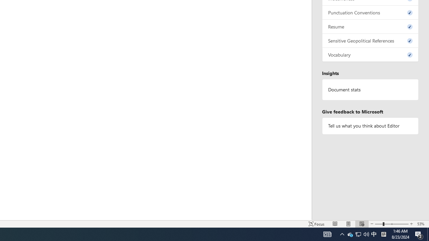 This screenshot has width=429, height=241. Describe the element at coordinates (370, 126) in the screenshot. I see `'Tell us what you think about Editor'` at that location.